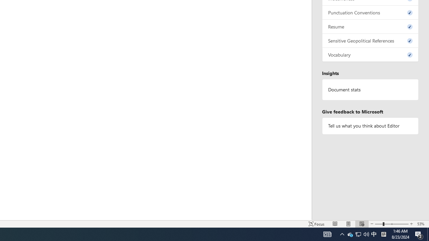 This screenshot has width=429, height=241. Describe the element at coordinates (370, 126) in the screenshot. I see `'Tell us what you think about Editor'` at that location.